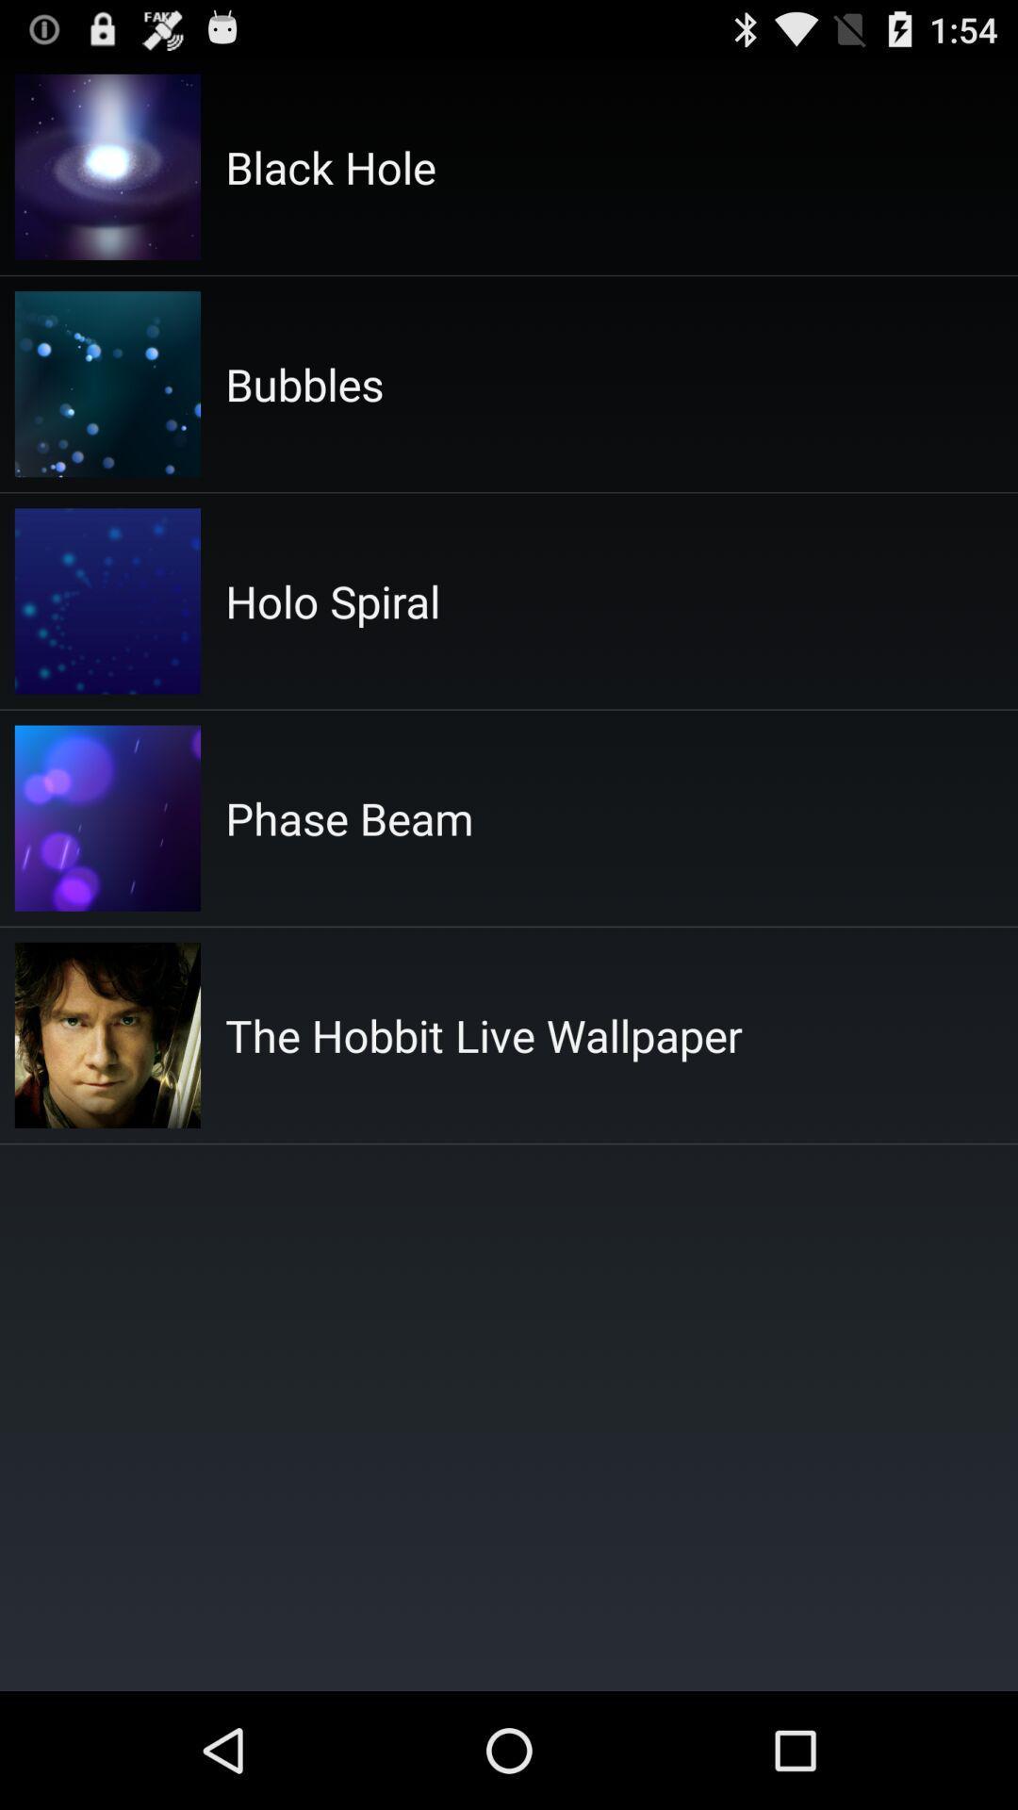  Describe the element at coordinates (304, 383) in the screenshot. I see `the item above holo spiral` at that location.